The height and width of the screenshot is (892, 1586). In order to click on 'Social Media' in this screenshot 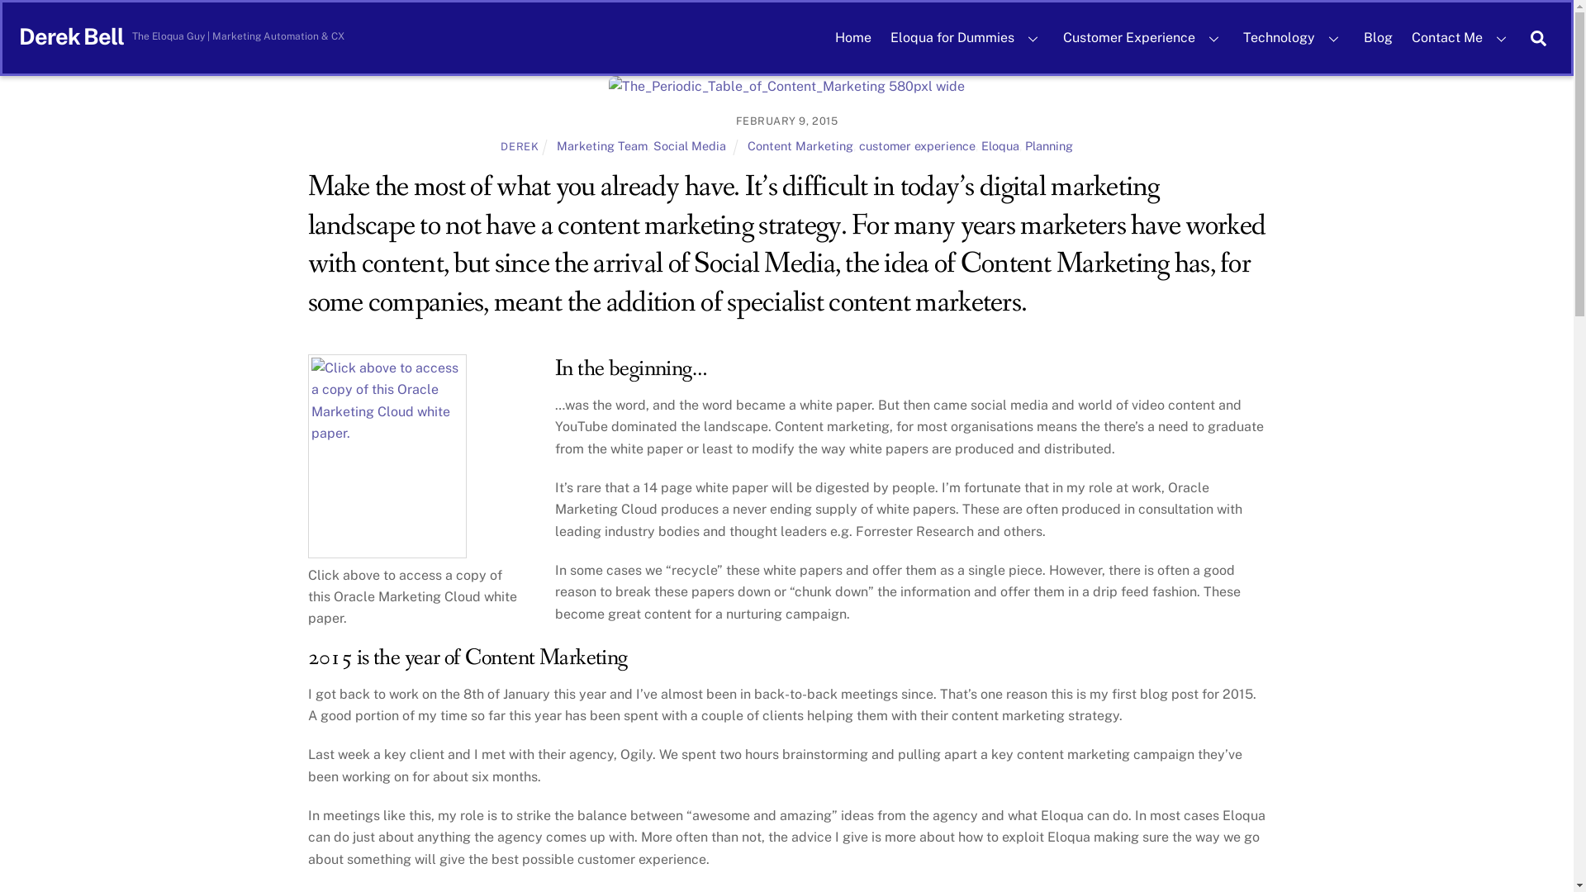, I will do `click(690, 145)`.